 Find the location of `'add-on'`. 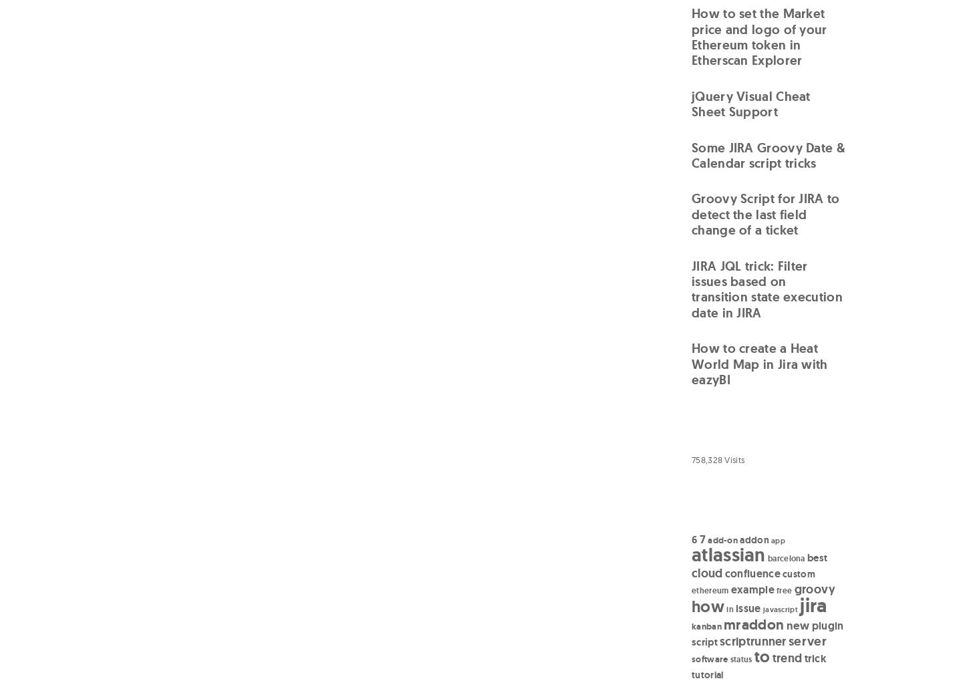

'add-on' is located at coordinates (707, 538).